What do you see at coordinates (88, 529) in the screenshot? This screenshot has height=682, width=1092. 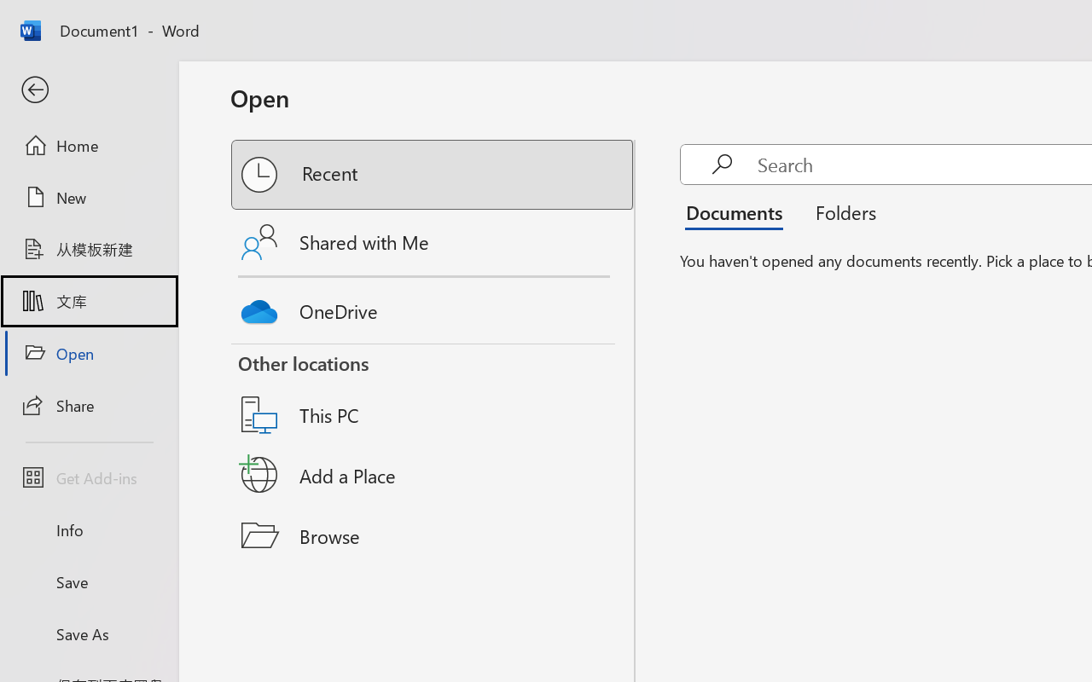 I see `'Info'` at bounding box center [88, 529].